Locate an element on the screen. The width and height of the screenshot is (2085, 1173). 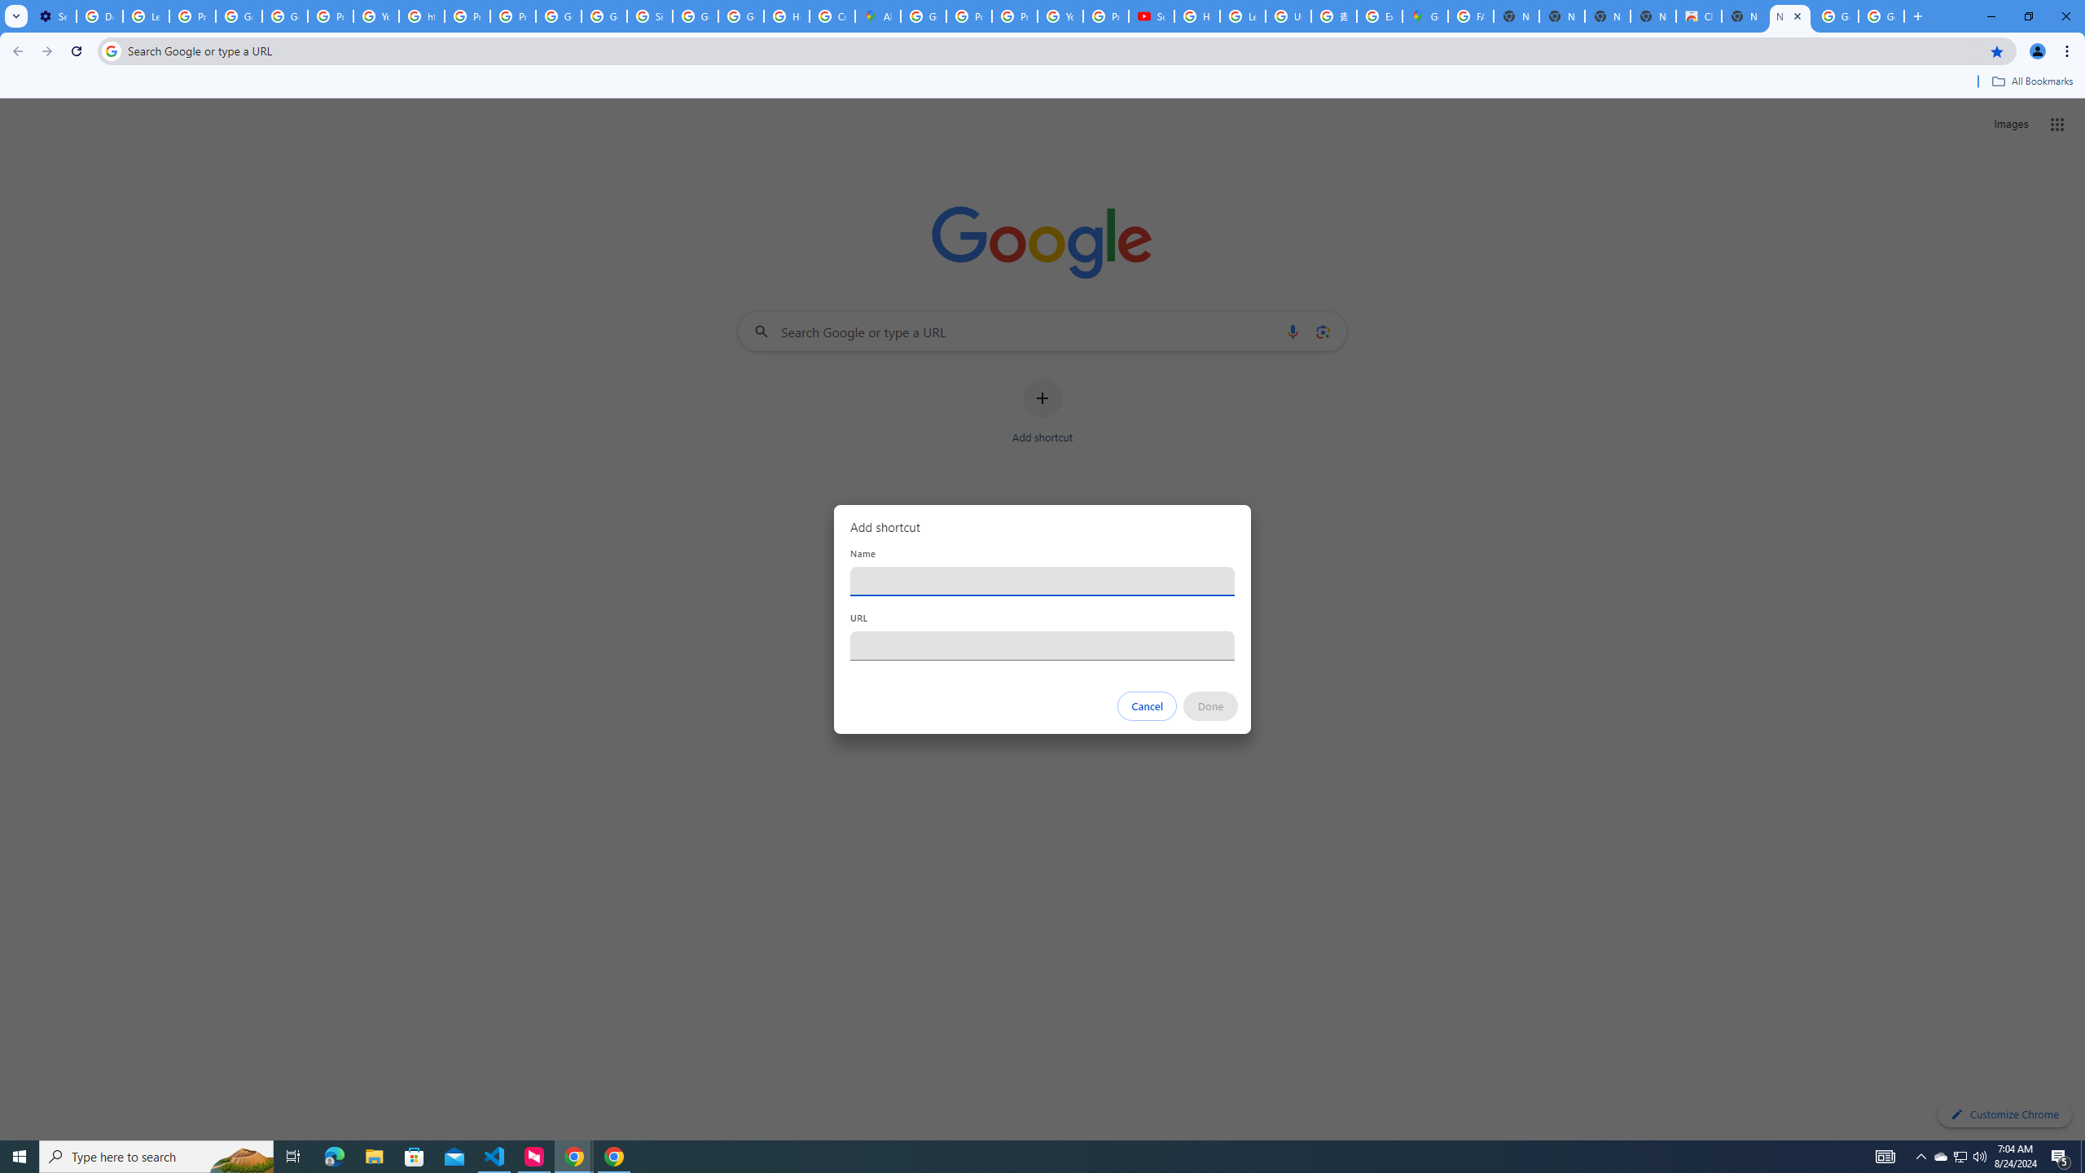
'Privacy Help Center - Policies Help' is located at coordinates (1013, 15).